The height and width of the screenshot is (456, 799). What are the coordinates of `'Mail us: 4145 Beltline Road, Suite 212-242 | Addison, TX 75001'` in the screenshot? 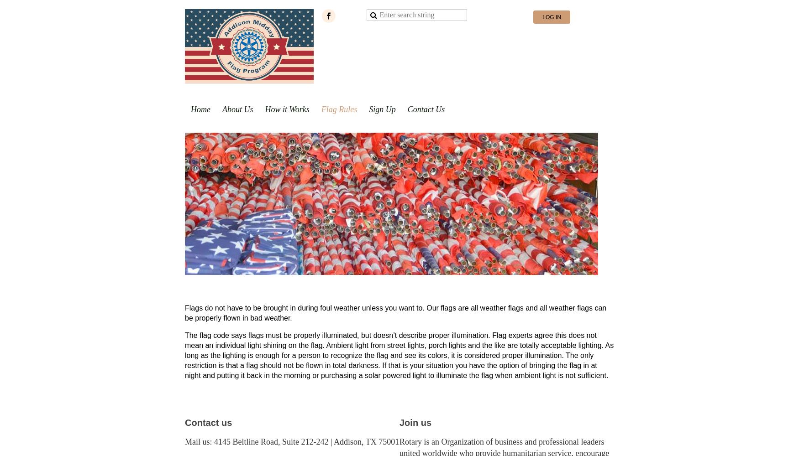 It's located at (291, 441).